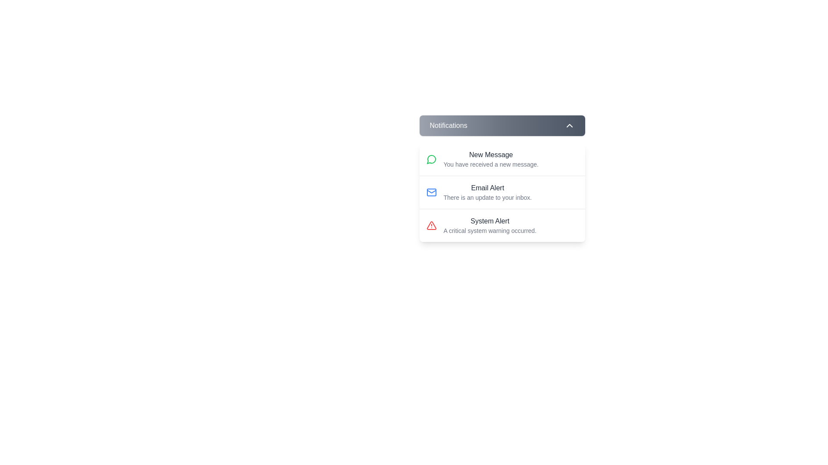  I want to click on the text label displaying the message 'A critical system warning occurred.' which is styled with 'text-sm text-gray-500' and located below the 'System Alert' text in the notification dropdown panel, so click(490, 230).